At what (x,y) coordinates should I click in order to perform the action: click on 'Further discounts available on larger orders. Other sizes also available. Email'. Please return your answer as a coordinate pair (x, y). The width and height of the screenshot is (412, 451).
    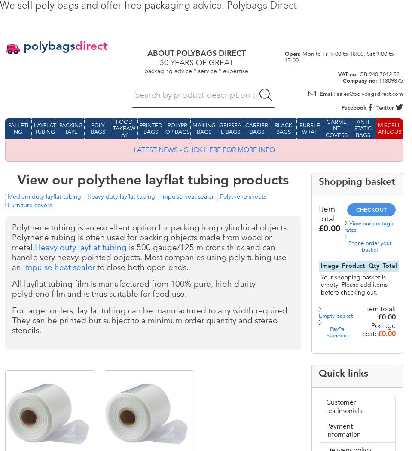
    Looking at the image, I should click on (153, 411).